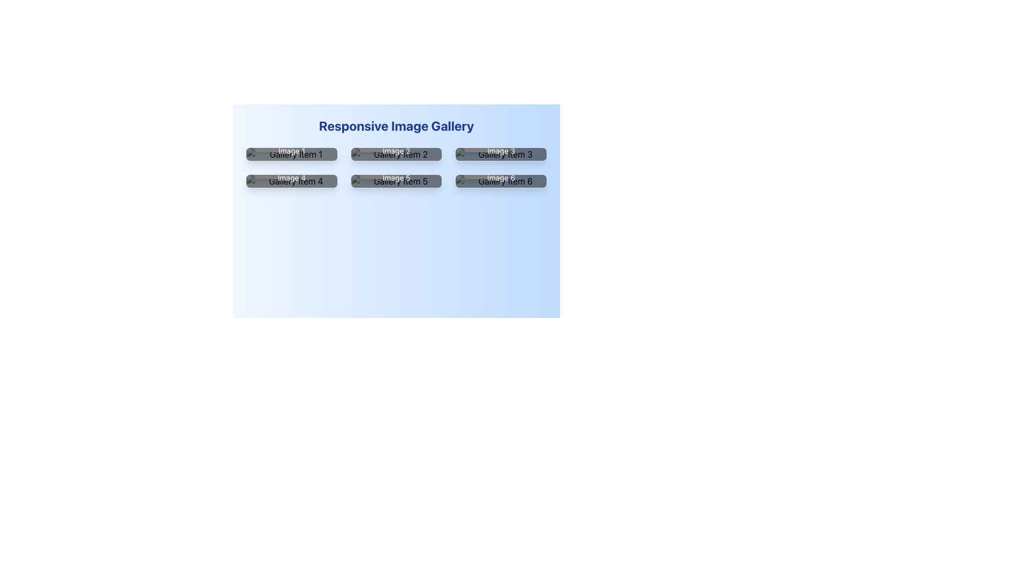 The image size is (1033, 581). I want to click on the downward-pointing chevron icon, so click(475, 155).